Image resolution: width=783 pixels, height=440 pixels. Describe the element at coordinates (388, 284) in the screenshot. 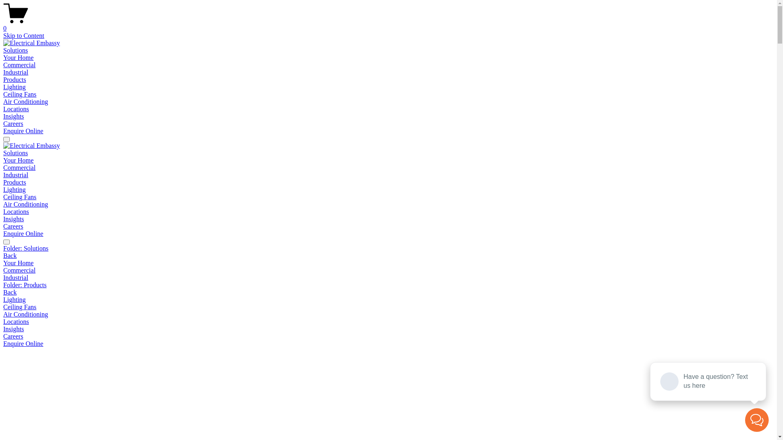

I see `'Folder: Products'` at that location.